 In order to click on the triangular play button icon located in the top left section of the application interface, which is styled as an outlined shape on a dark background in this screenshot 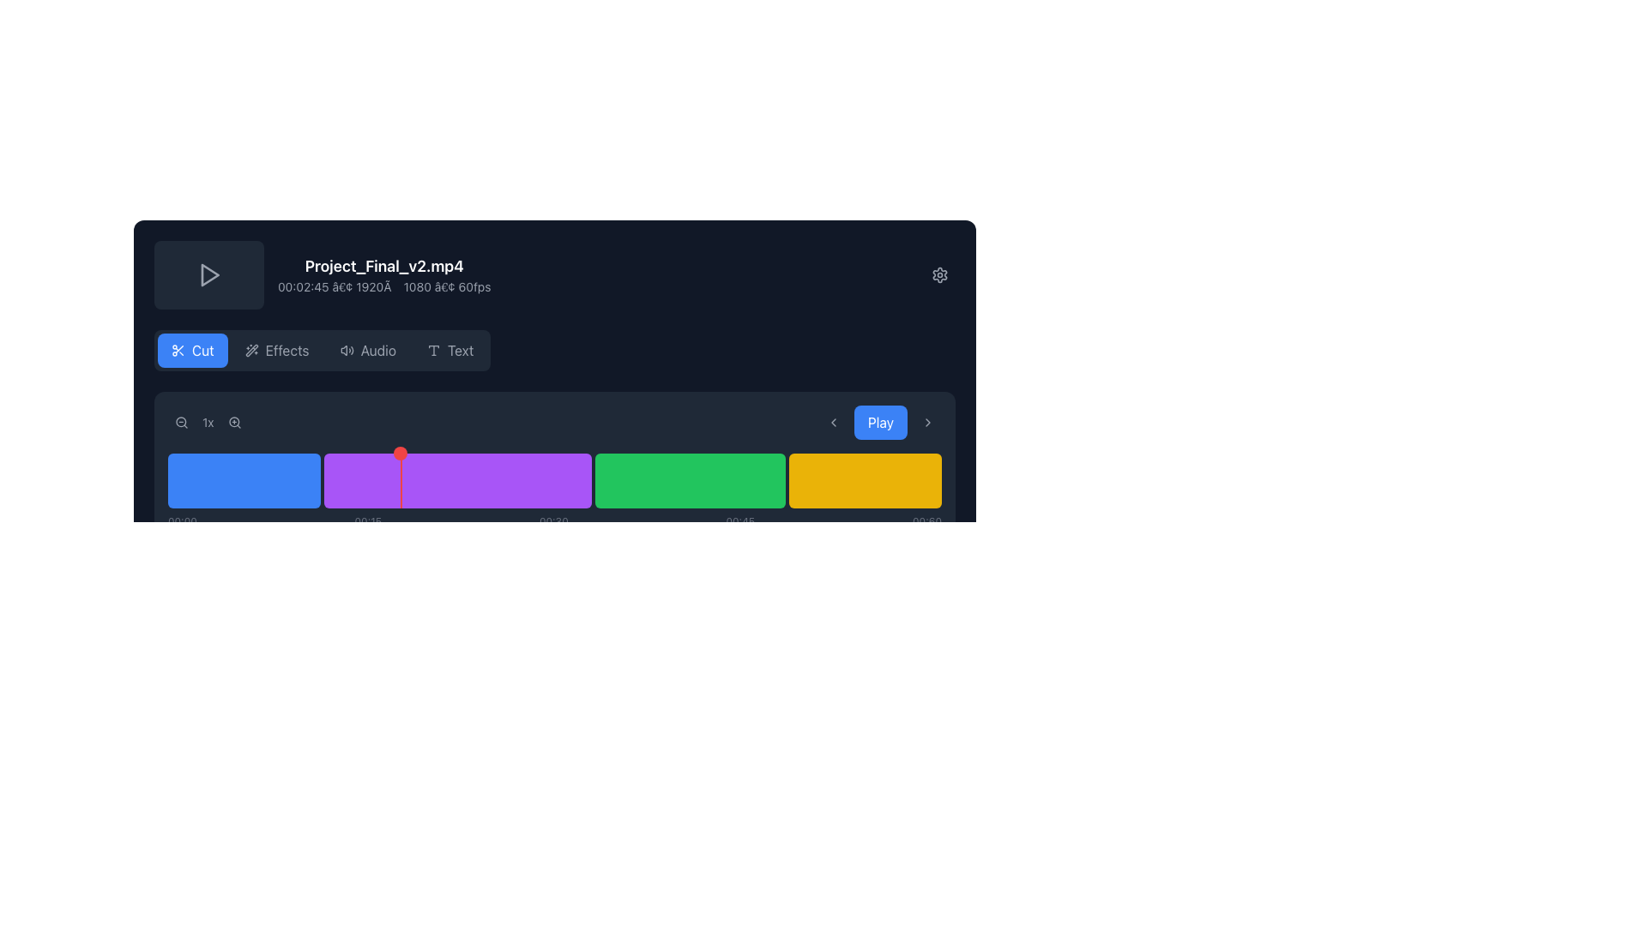, I will do `click(209, 274)`.